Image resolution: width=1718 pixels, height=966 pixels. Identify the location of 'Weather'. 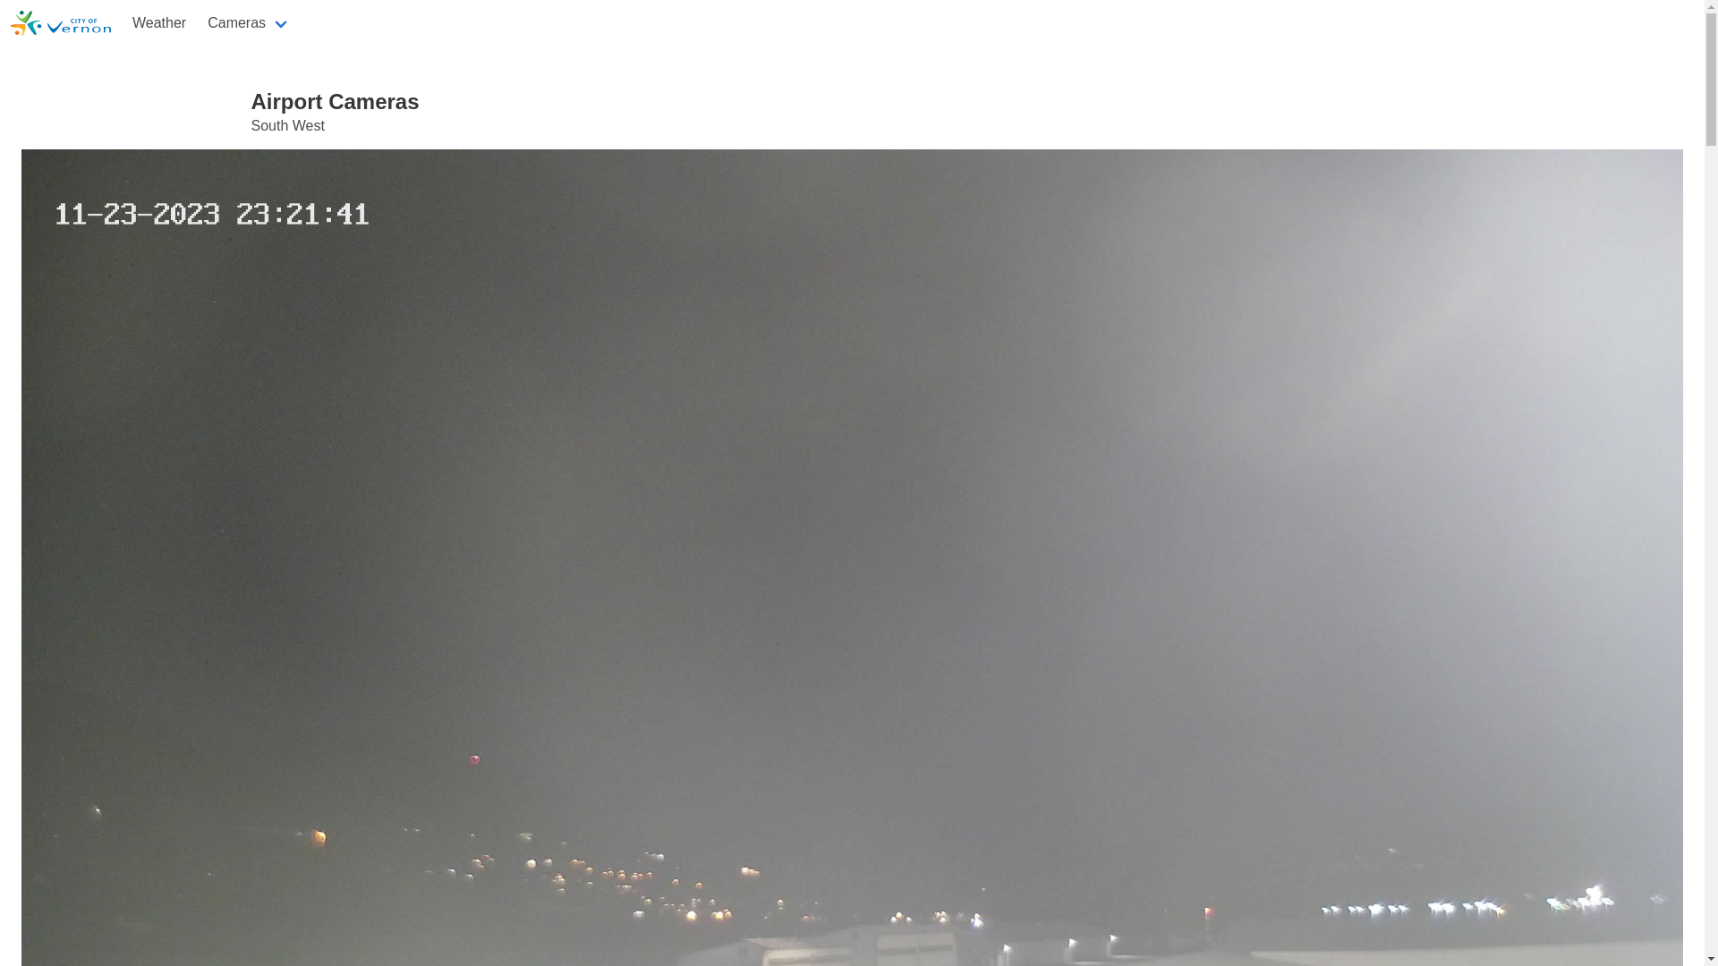
(158, 23).